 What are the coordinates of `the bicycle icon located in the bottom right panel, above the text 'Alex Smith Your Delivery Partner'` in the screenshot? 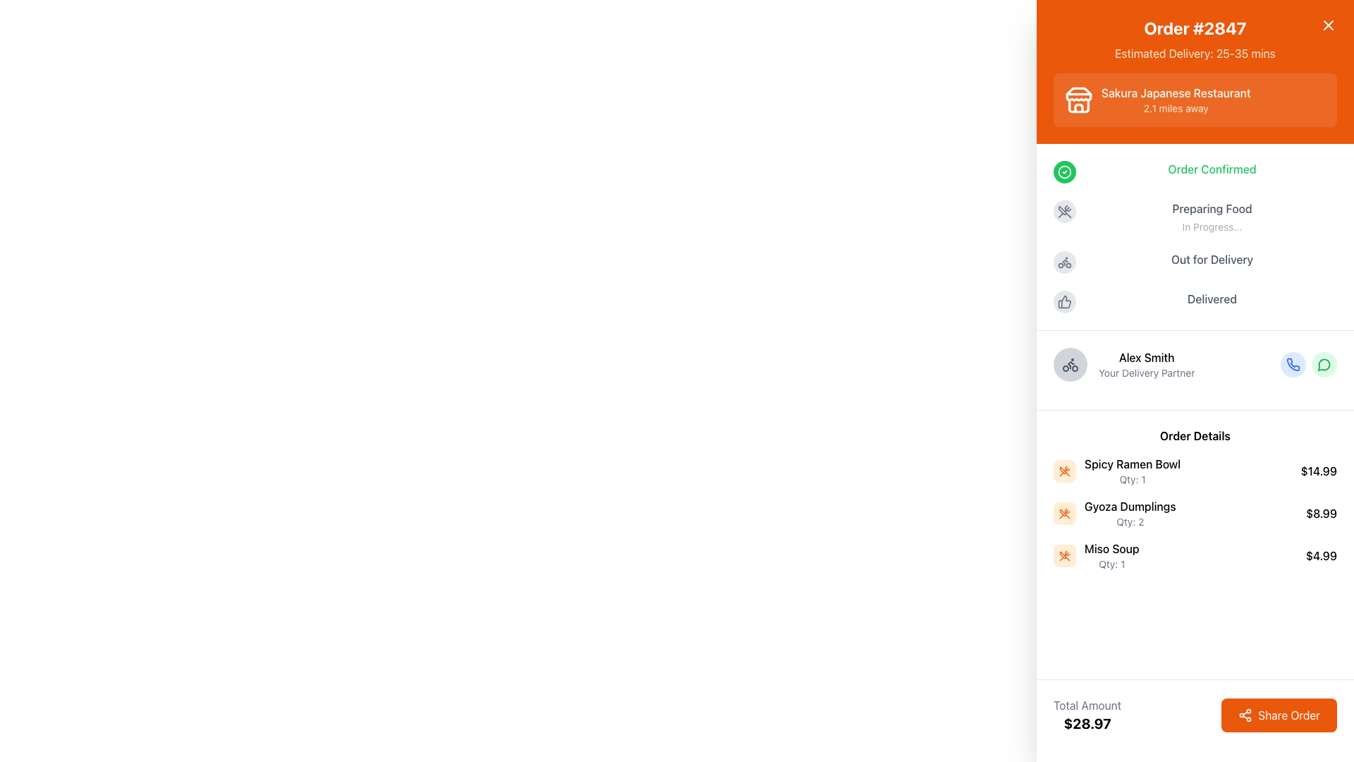 It's located at (1065, 262).